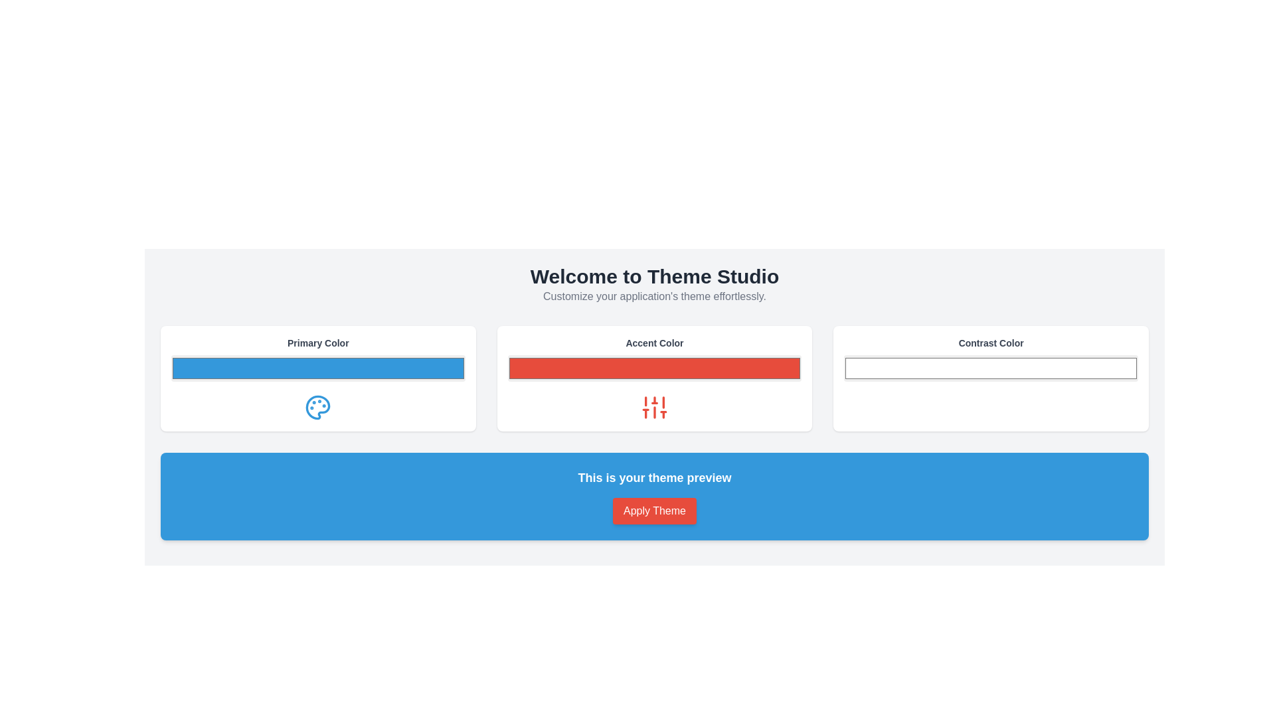 The height and width of the screenshot is (717, 1275). What do you see at coordinates (654, 283) in the screenshot?
I see `the welcoming heading and subtitle text block that introduces the Theme Studio, located near the top of the interface` at bounding box center [654, 283].